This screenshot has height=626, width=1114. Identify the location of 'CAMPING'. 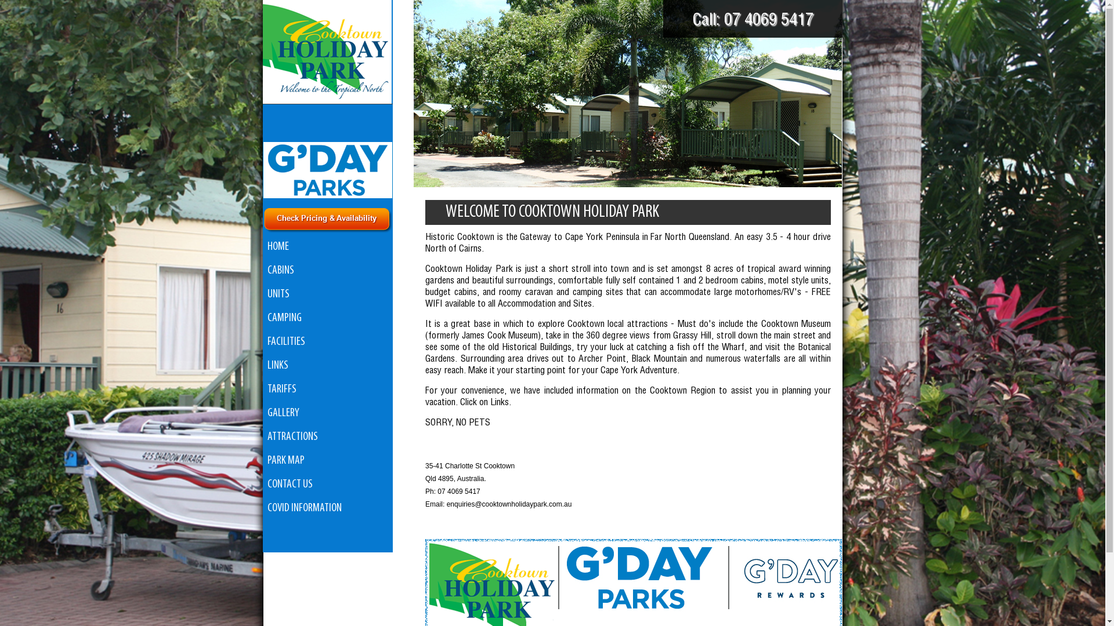
(327, 318).